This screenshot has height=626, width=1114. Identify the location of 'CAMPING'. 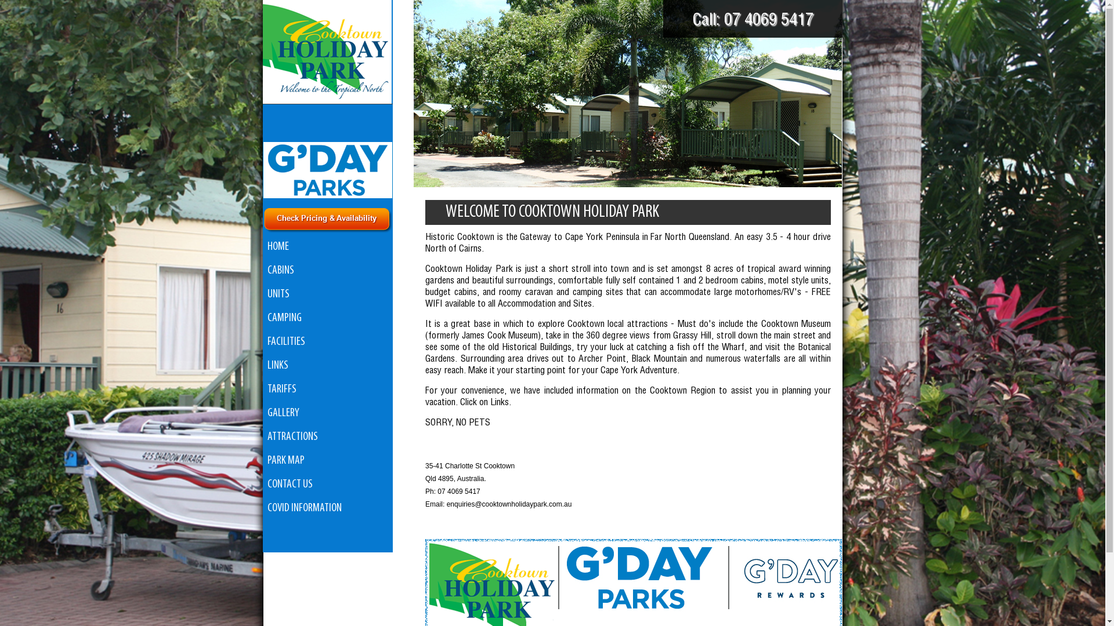
(327, 318).